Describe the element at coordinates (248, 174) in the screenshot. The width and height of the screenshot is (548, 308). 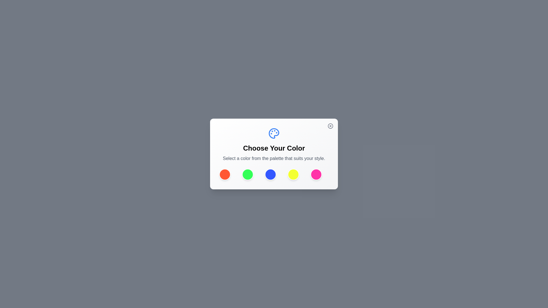
I see `the color button corresponding to green` at that location.